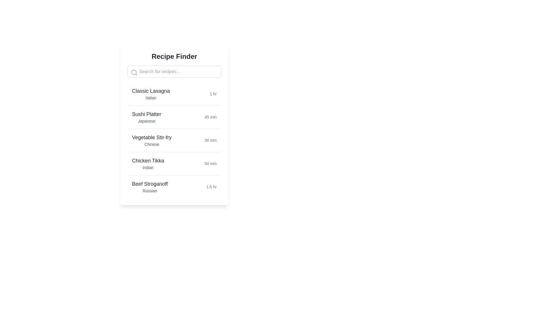 The height and width of the screenshot is (310, 551). Describe the element at coordinates (148, 160) in the screenshot. I see `text of the menu item title located in the fourth list item of the vertical list, which is identified as 'Indian'` at that location.